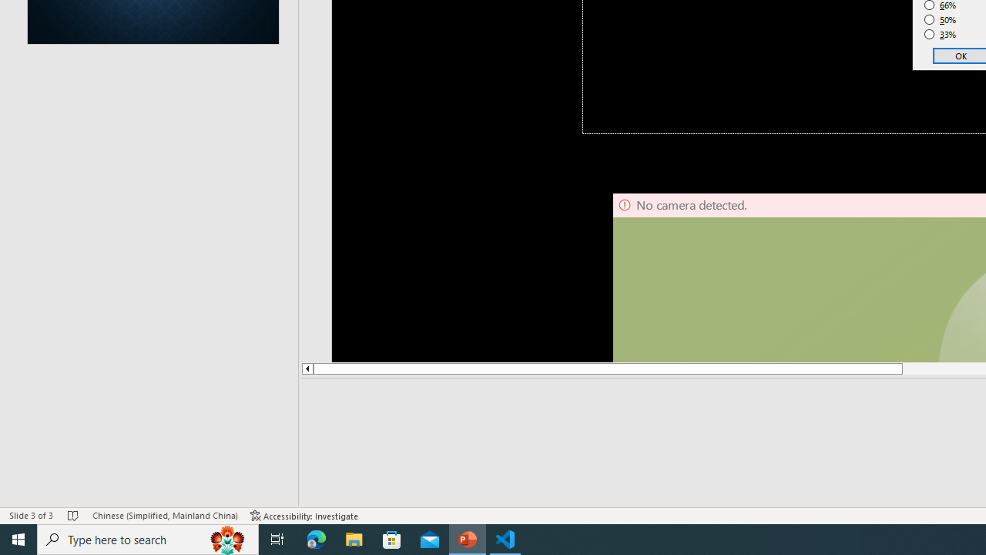 This screenshot has height=555, width=986. I want to click on 'Search highlights icon opens search home window', so click(226, 538).